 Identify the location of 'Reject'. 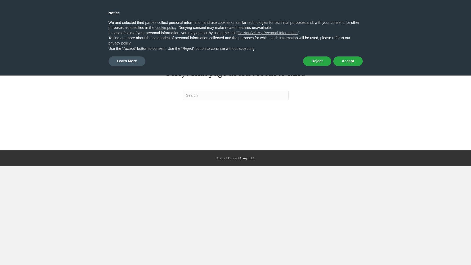
(316, 61).